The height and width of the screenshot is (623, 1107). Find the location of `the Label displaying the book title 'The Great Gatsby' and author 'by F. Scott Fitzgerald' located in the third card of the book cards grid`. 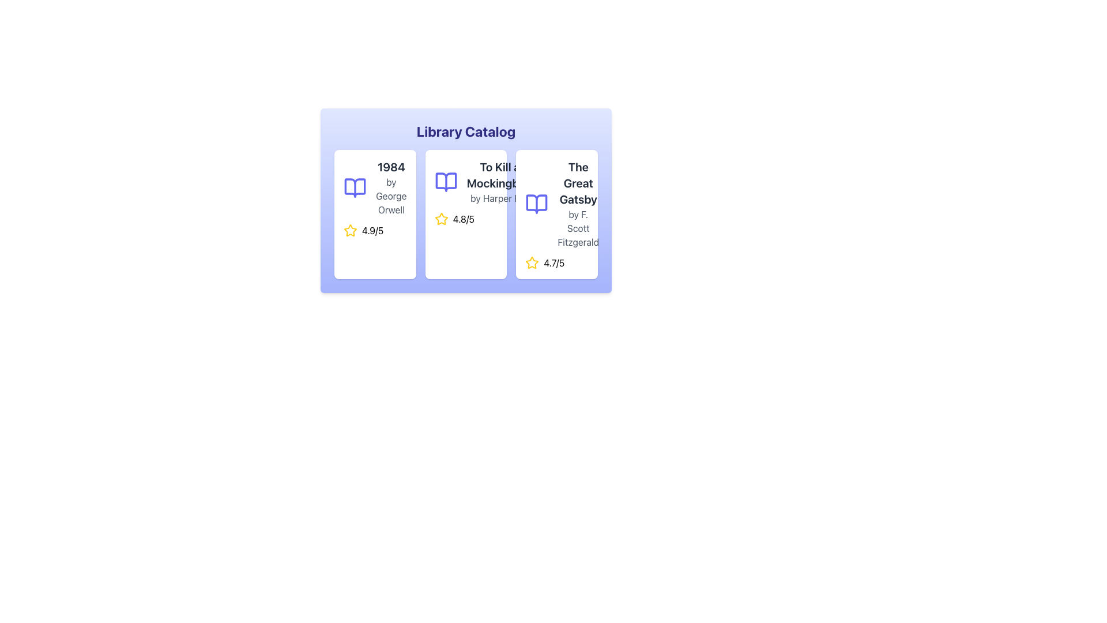

the Label displaying the book title 'The Great Gatsby' and author 'by F. Scott Fitzgerald' located in the third card of the book cards grid is located at coordinates (578, 204).